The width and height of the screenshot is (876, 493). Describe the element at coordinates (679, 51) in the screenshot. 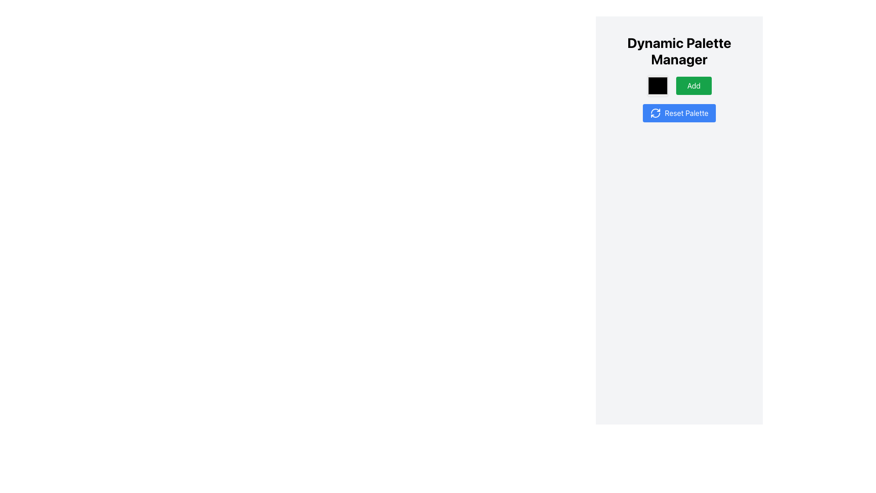

I see `the 'Dynamic Palette Manager' text label, which is a bold and large header aligned at the top of the interface, above the 'Add' and 'Reset Palette' buttons` at that location.